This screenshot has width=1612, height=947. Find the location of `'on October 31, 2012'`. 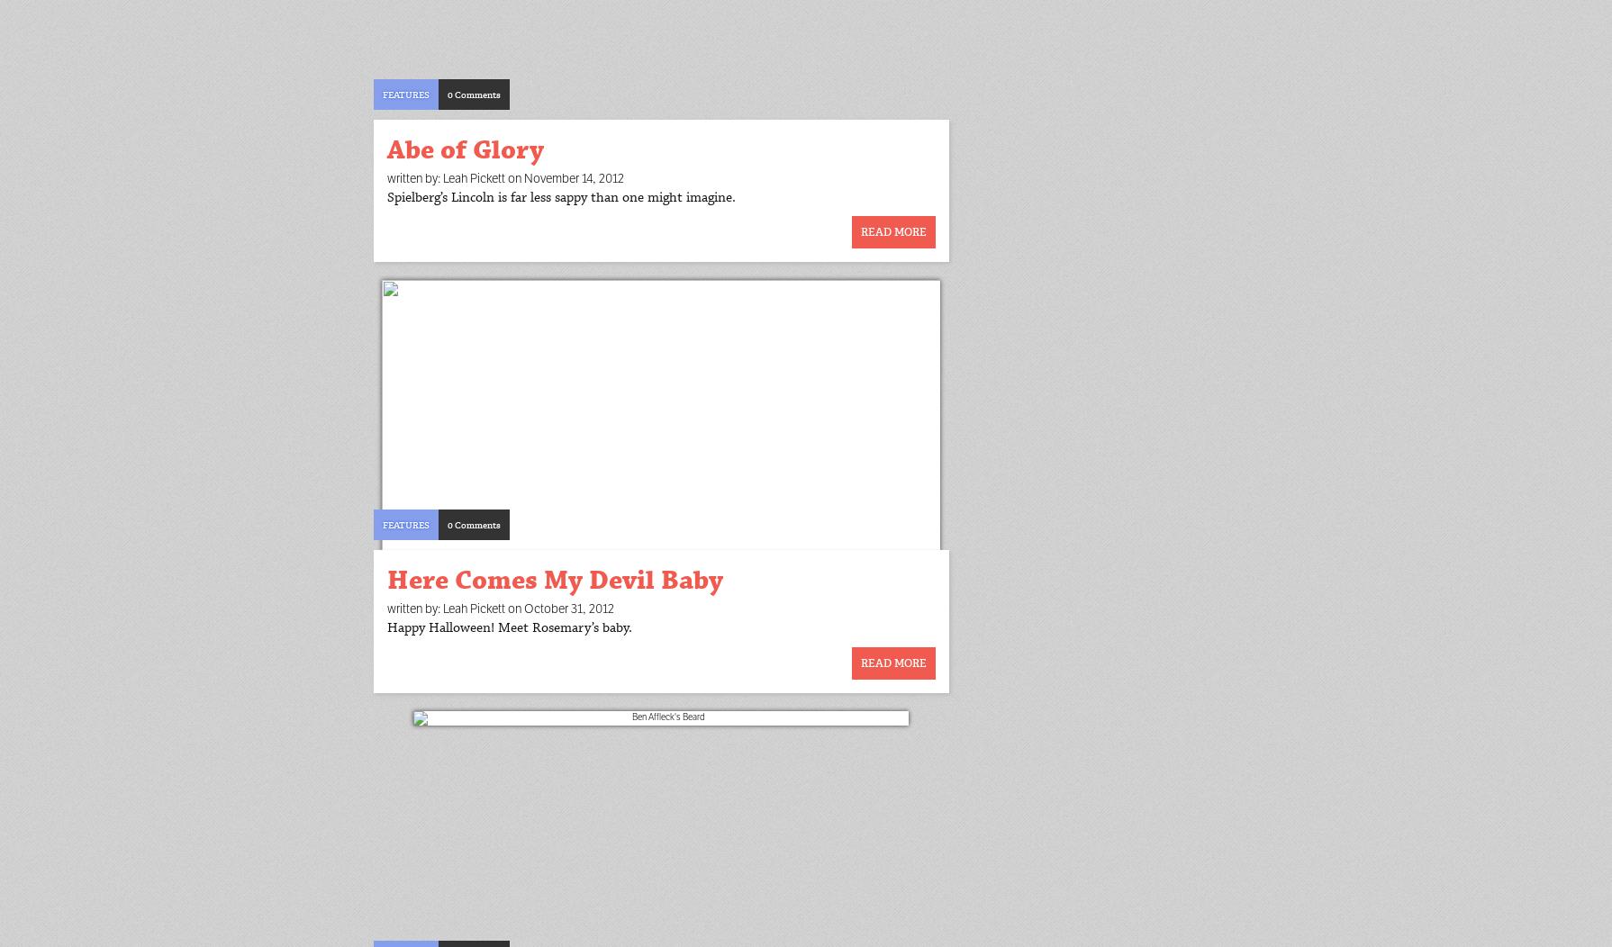

'on October 31, 2012' is located at coordinates (559, 608).